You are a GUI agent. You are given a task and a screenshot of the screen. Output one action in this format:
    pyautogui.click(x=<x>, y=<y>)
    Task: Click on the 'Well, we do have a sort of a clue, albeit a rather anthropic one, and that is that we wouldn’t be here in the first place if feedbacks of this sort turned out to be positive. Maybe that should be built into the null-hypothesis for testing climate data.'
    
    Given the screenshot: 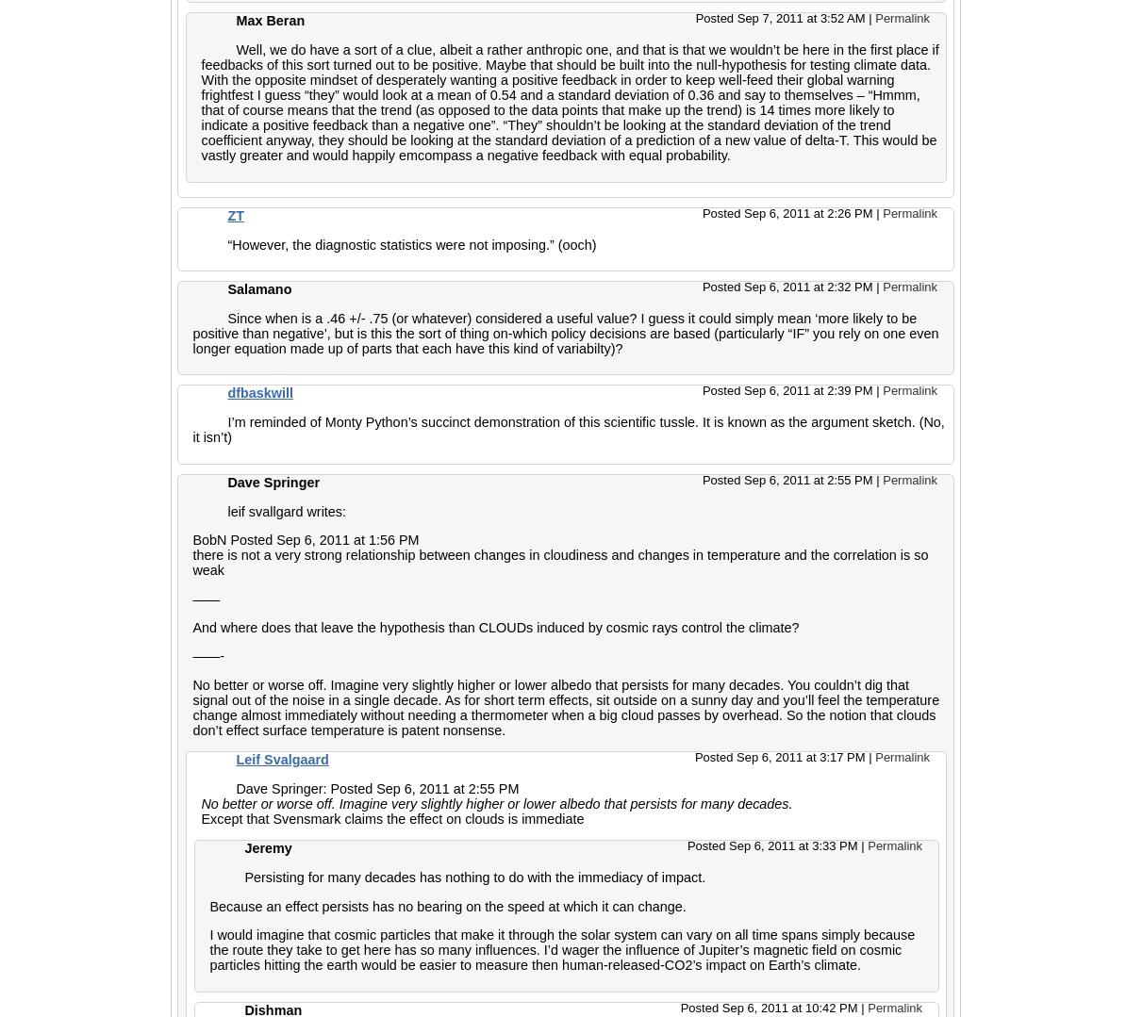 What is the action you would take?
    pyautogui.click(x=569, y=56)
    